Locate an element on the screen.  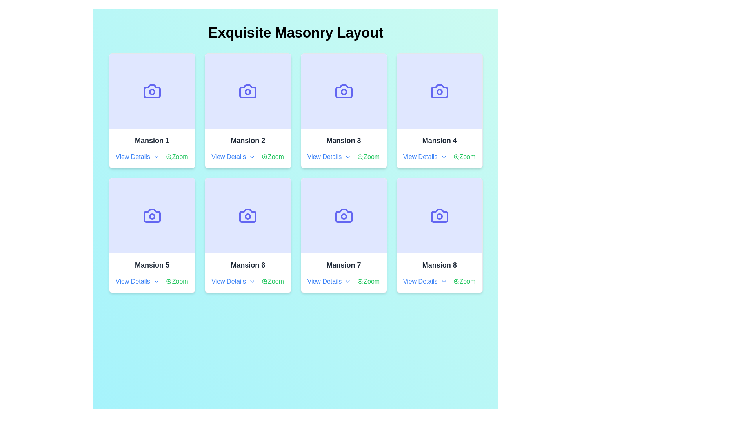
the icon representing the 'Mansion 1' card, which is centrally positioned in the top-left card of the 'Exquisite Masonry Layout.' is located at coordinates (152, 90).